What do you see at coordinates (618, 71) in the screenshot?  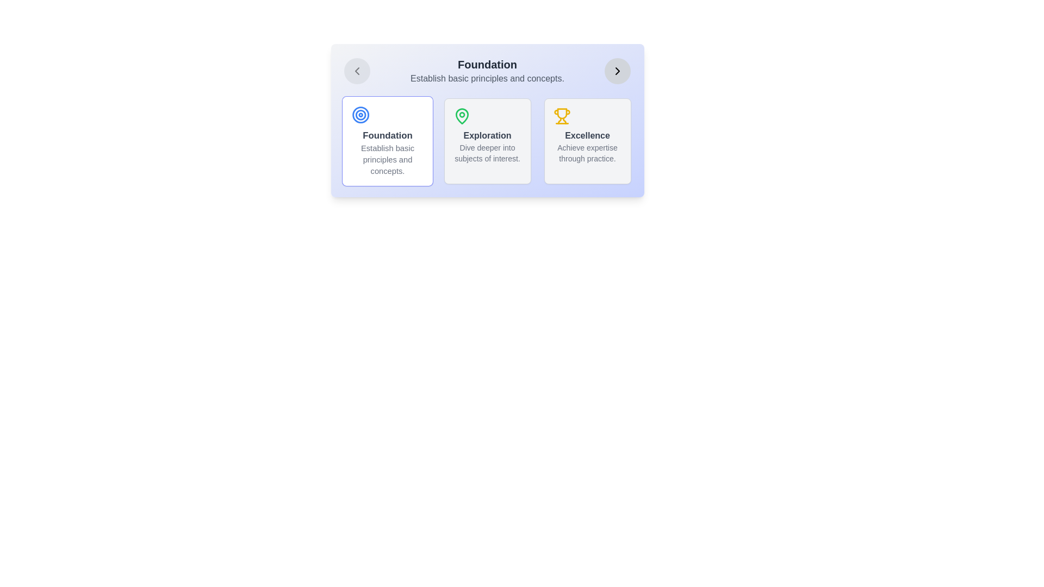 I see `the right-facing arrow icon located within the circular button at the top-right corner of the 'Foundation' card` at bounding box center [618, 71].